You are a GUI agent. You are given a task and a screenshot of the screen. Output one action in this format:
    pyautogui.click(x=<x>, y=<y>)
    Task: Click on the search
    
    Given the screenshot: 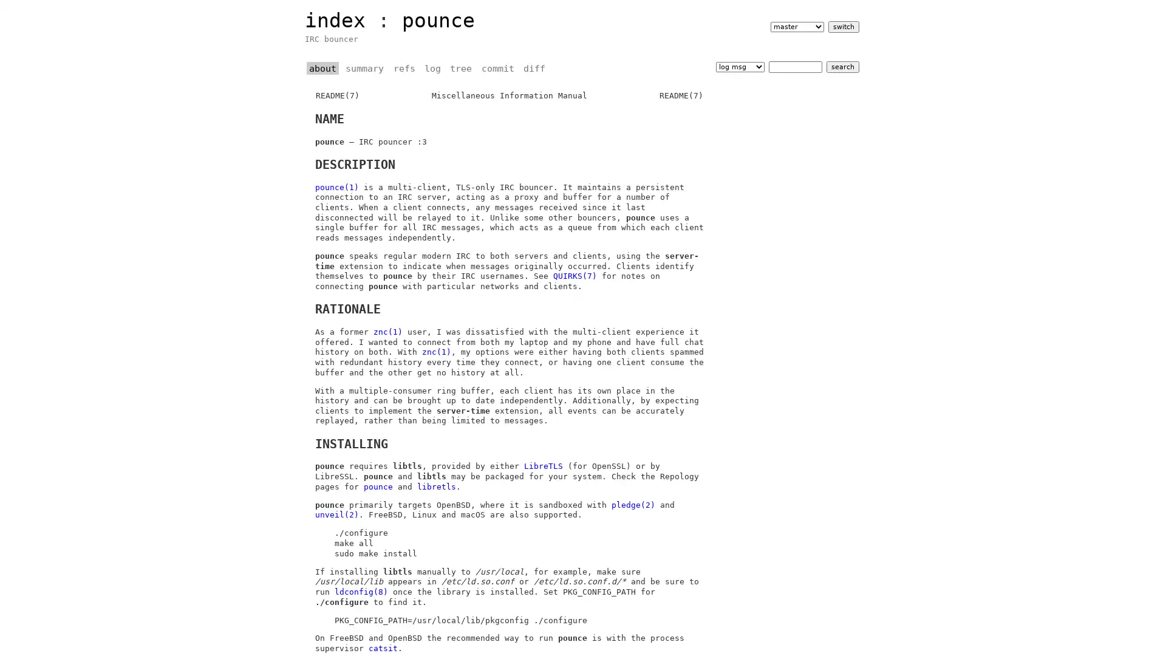 What is the action you would take?
    pyautogui.click(x=842, y=66)
    